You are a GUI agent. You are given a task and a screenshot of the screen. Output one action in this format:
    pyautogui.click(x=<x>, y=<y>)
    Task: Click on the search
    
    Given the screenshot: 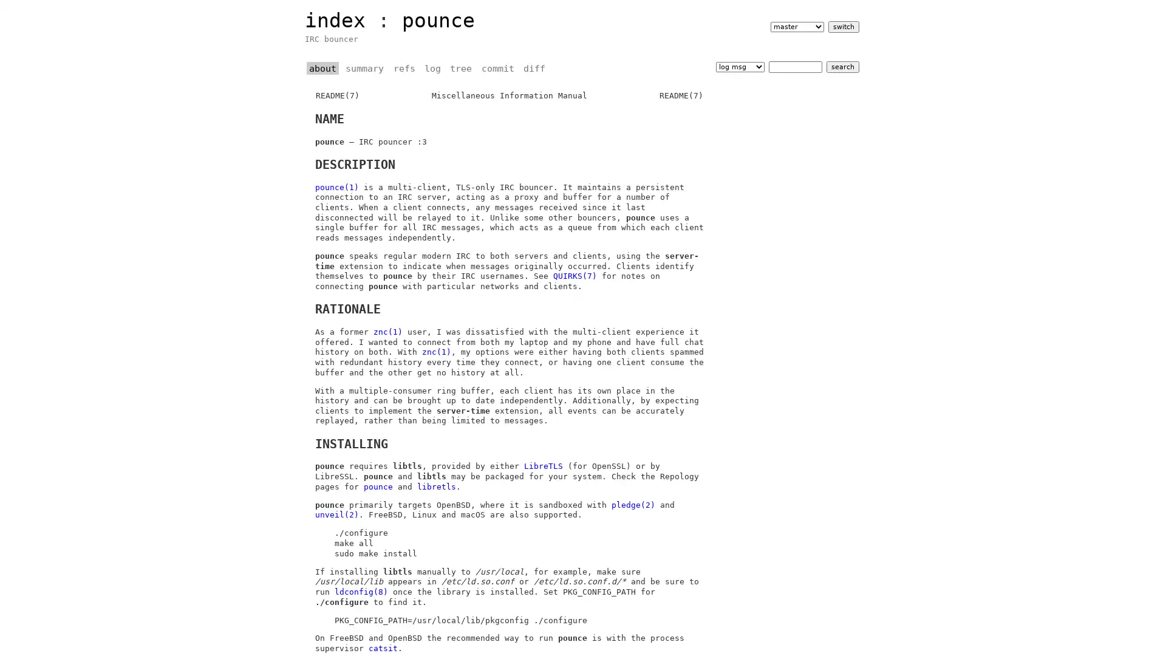 What is the action you would take?
    pyautogui.click(x=842, y=66)
    